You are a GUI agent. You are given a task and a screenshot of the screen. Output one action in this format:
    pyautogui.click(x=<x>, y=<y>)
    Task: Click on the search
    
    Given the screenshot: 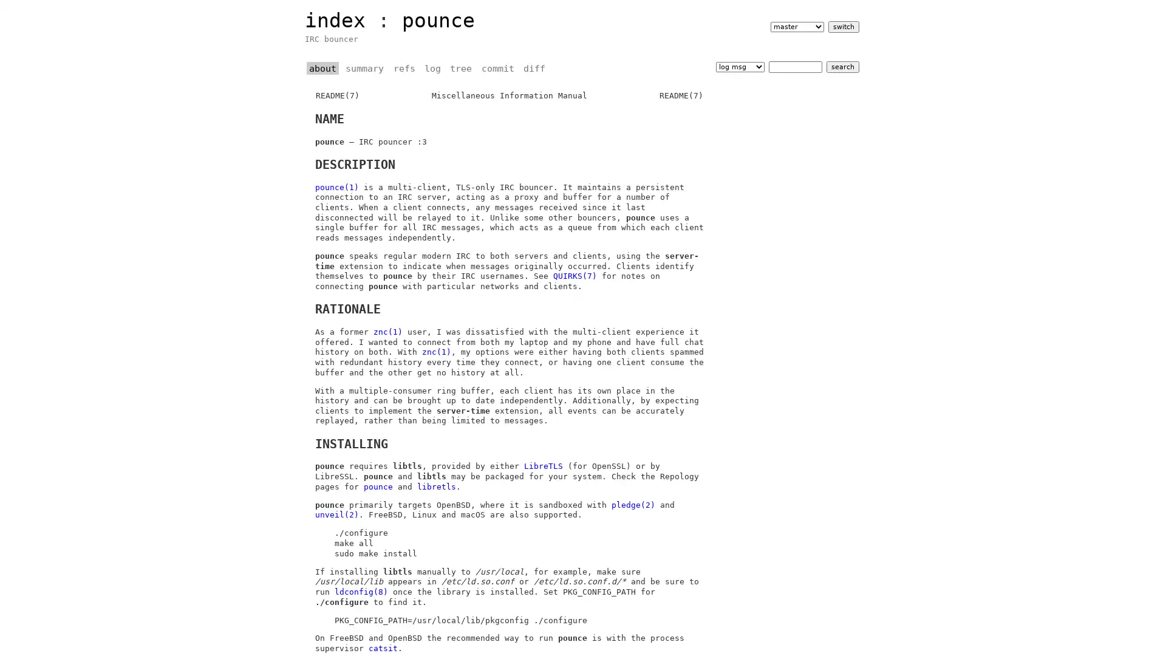 What is the action you would take?
    pyautogui.click(x=842, y=66)
    